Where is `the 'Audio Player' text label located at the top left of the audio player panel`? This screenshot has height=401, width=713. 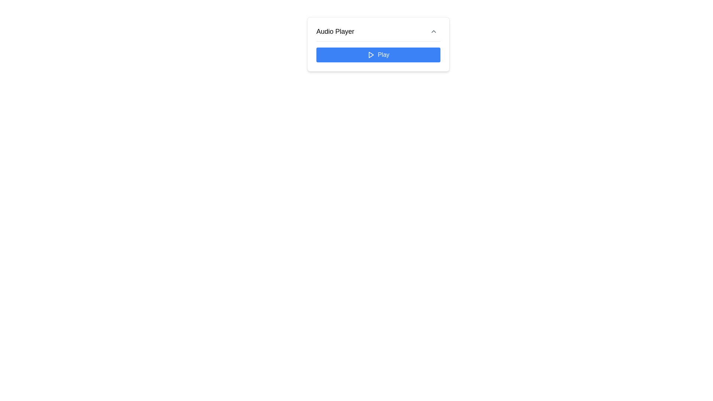
the 'Audio Player' text label located at the top left of the audio player panel is located at coordinates (335, 31).